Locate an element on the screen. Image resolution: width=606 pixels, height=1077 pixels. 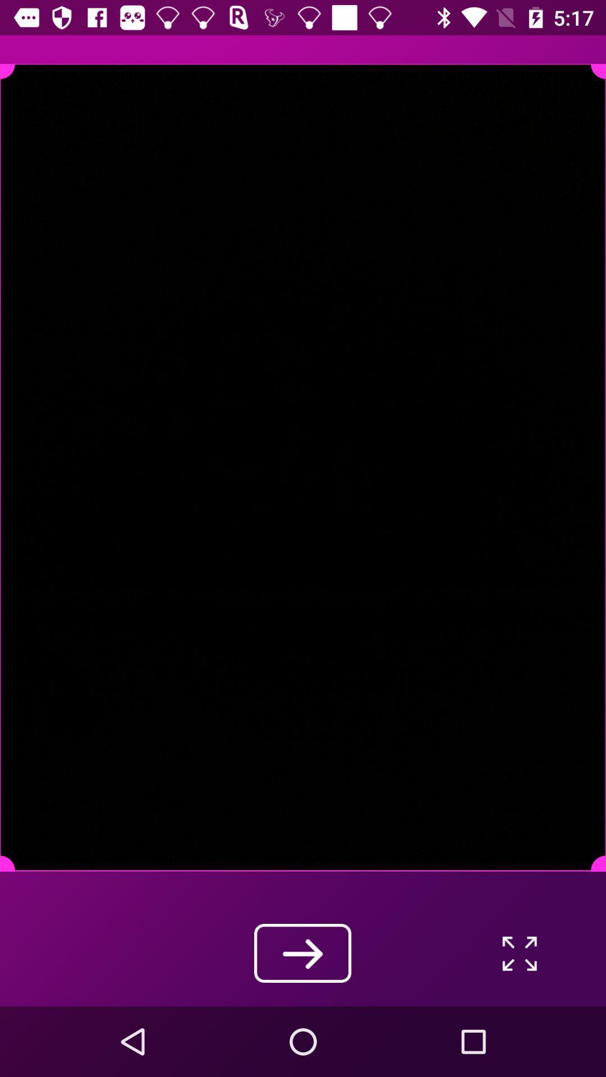
the fullscreen icon is located at coordinates (520, 953).